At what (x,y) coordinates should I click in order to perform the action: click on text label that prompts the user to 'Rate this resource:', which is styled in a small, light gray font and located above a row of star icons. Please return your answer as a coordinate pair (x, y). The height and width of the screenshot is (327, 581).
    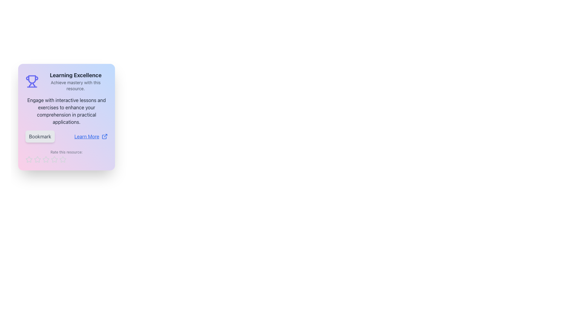
    Looking at the image, I should click on (67, 156).